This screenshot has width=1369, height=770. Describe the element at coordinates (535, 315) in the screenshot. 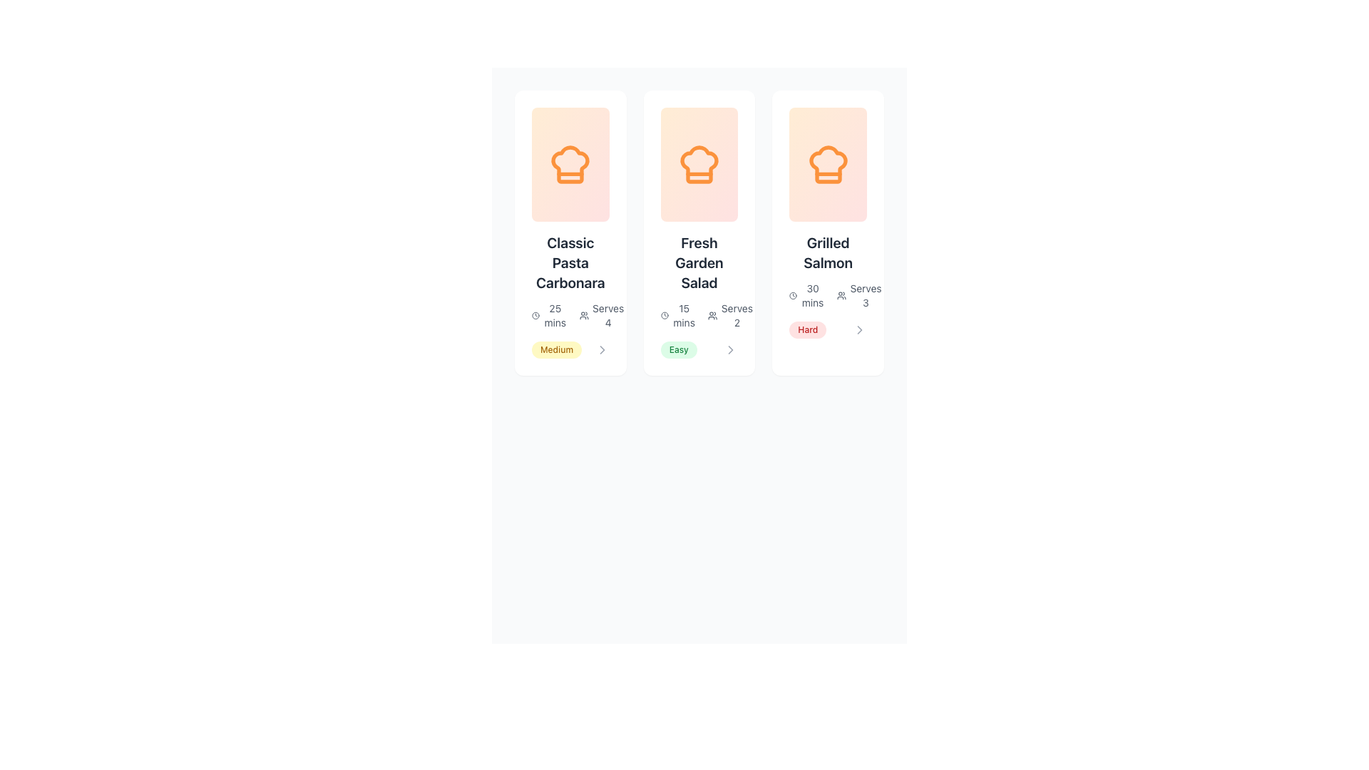

I see `the clock icon located within the card for 'Classic Pasta Carbonara', which visually represents the duration of '25 mins'` at that location.